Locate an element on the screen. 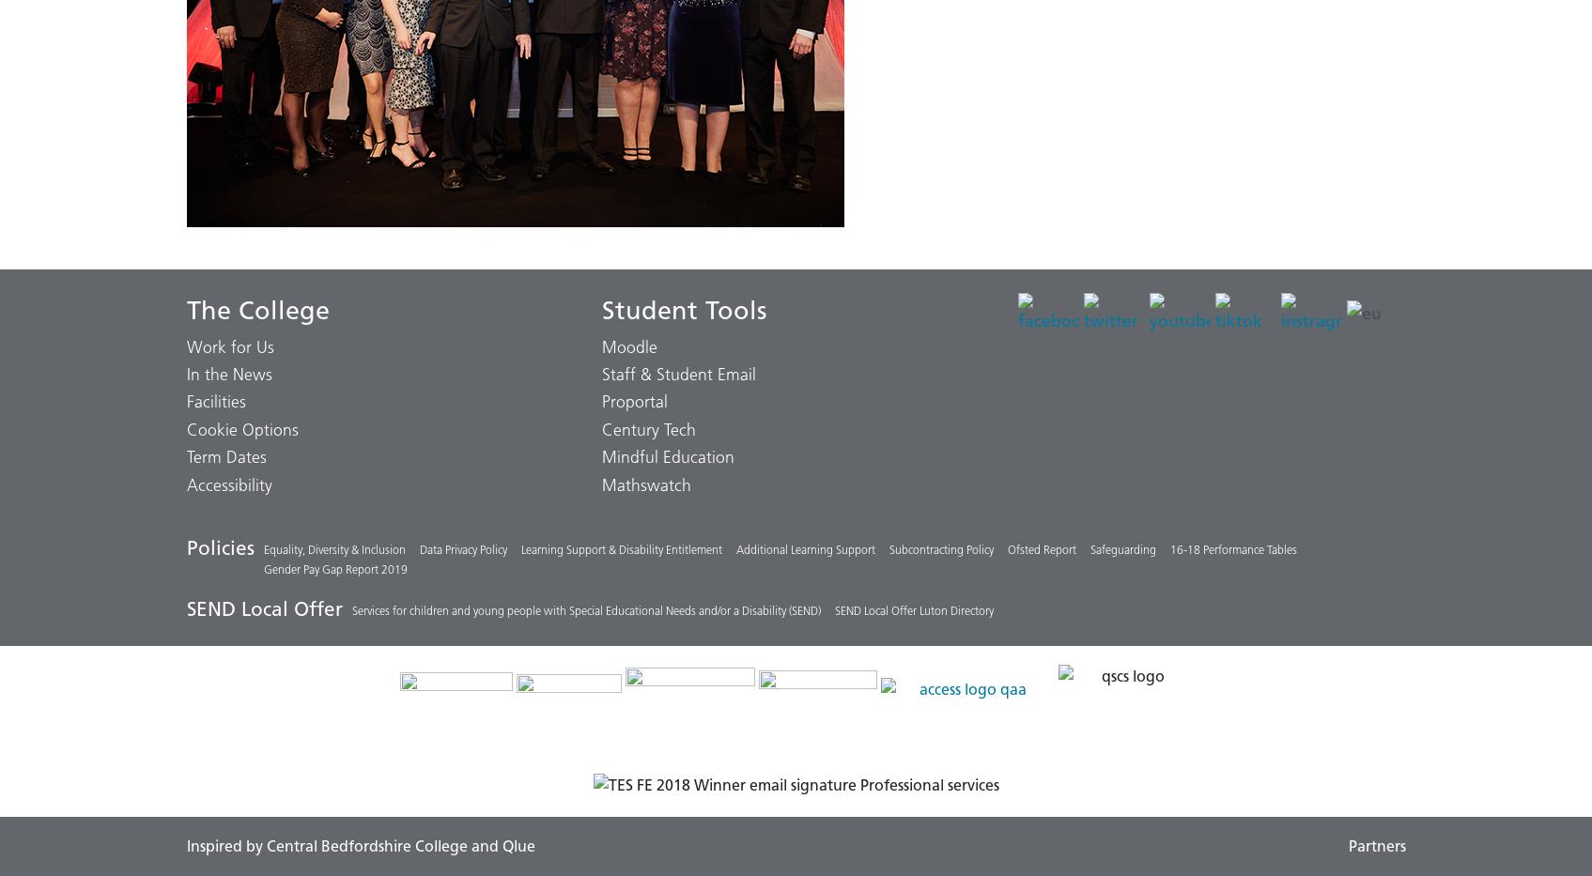 The width and height of the screenshot is (1592, 876). 'Safeguarding' is located at coordinates (1089, 549).